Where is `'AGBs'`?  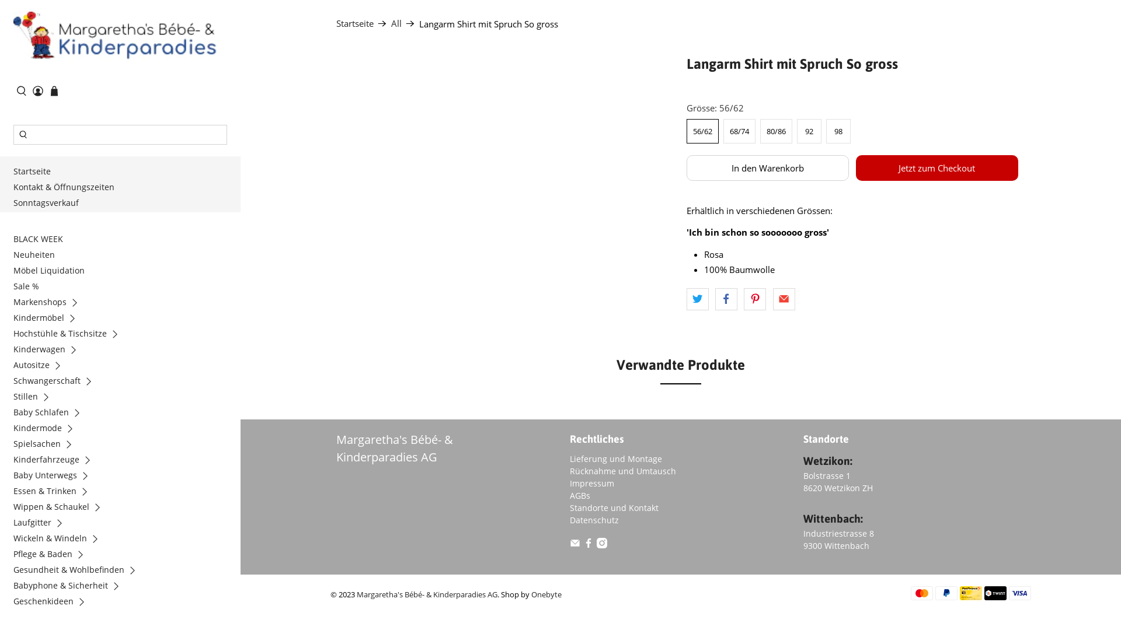
'AGBs' is located at coordinates (580, 495).